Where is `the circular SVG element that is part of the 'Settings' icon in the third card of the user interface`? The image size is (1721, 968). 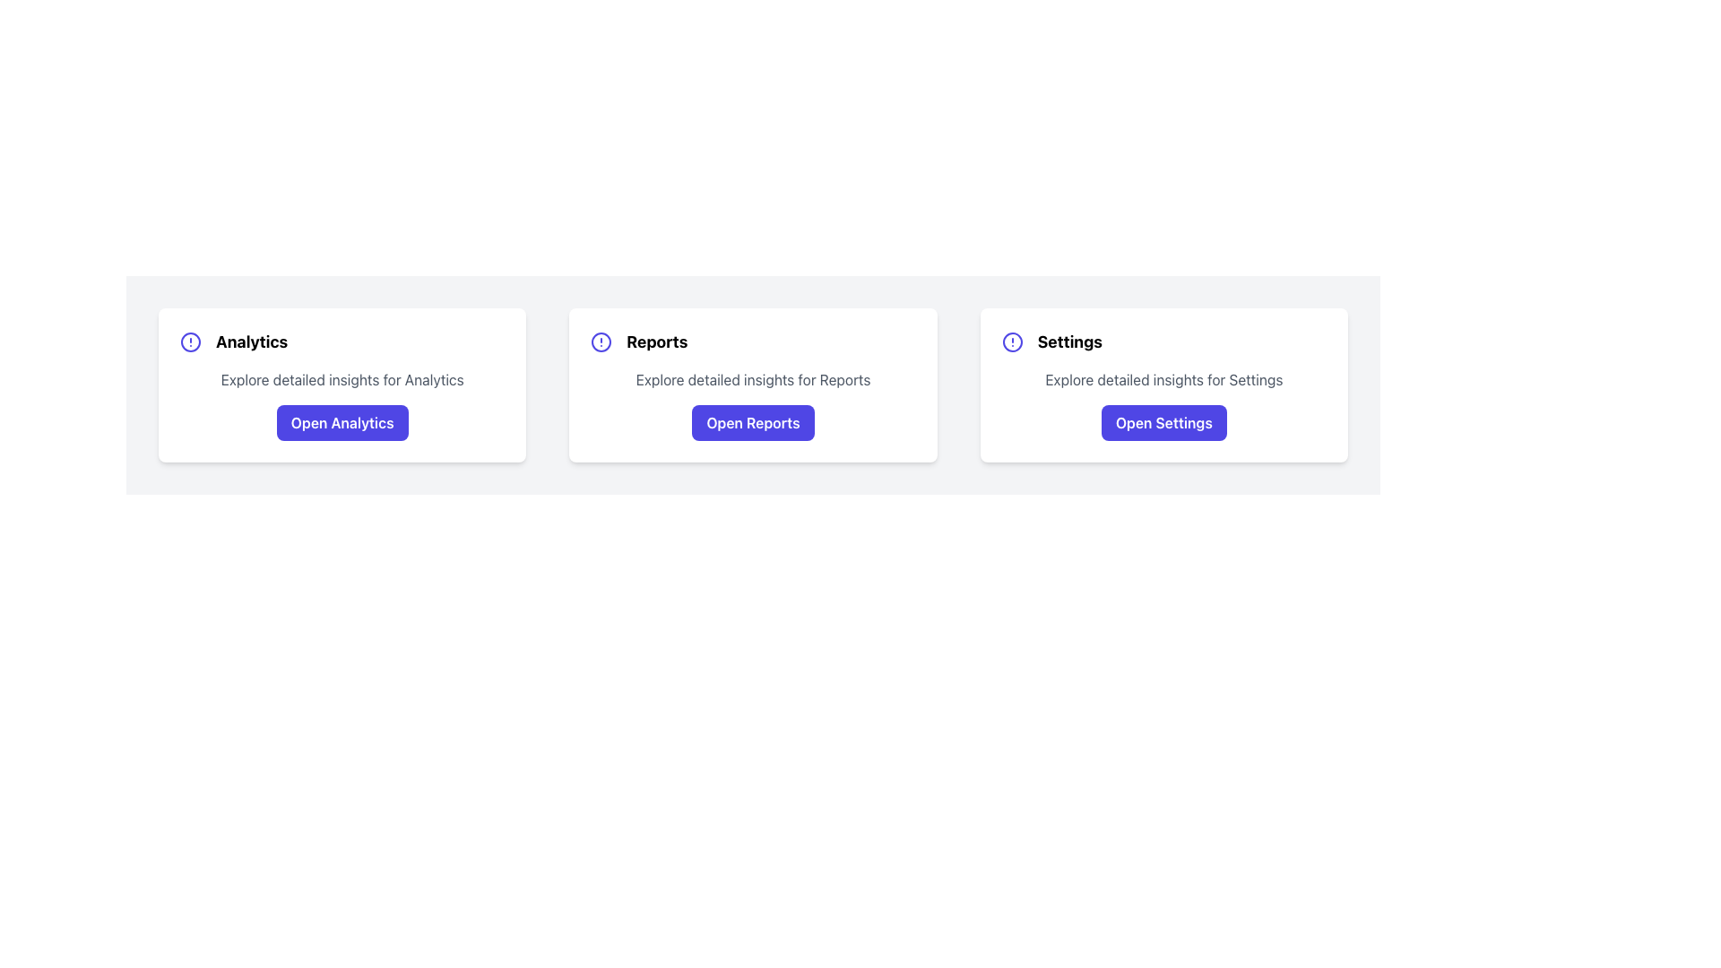 the circular SVG element that is part of the 'Settings' icon in the third card of the user interface is located at coordinates (1012, 341).